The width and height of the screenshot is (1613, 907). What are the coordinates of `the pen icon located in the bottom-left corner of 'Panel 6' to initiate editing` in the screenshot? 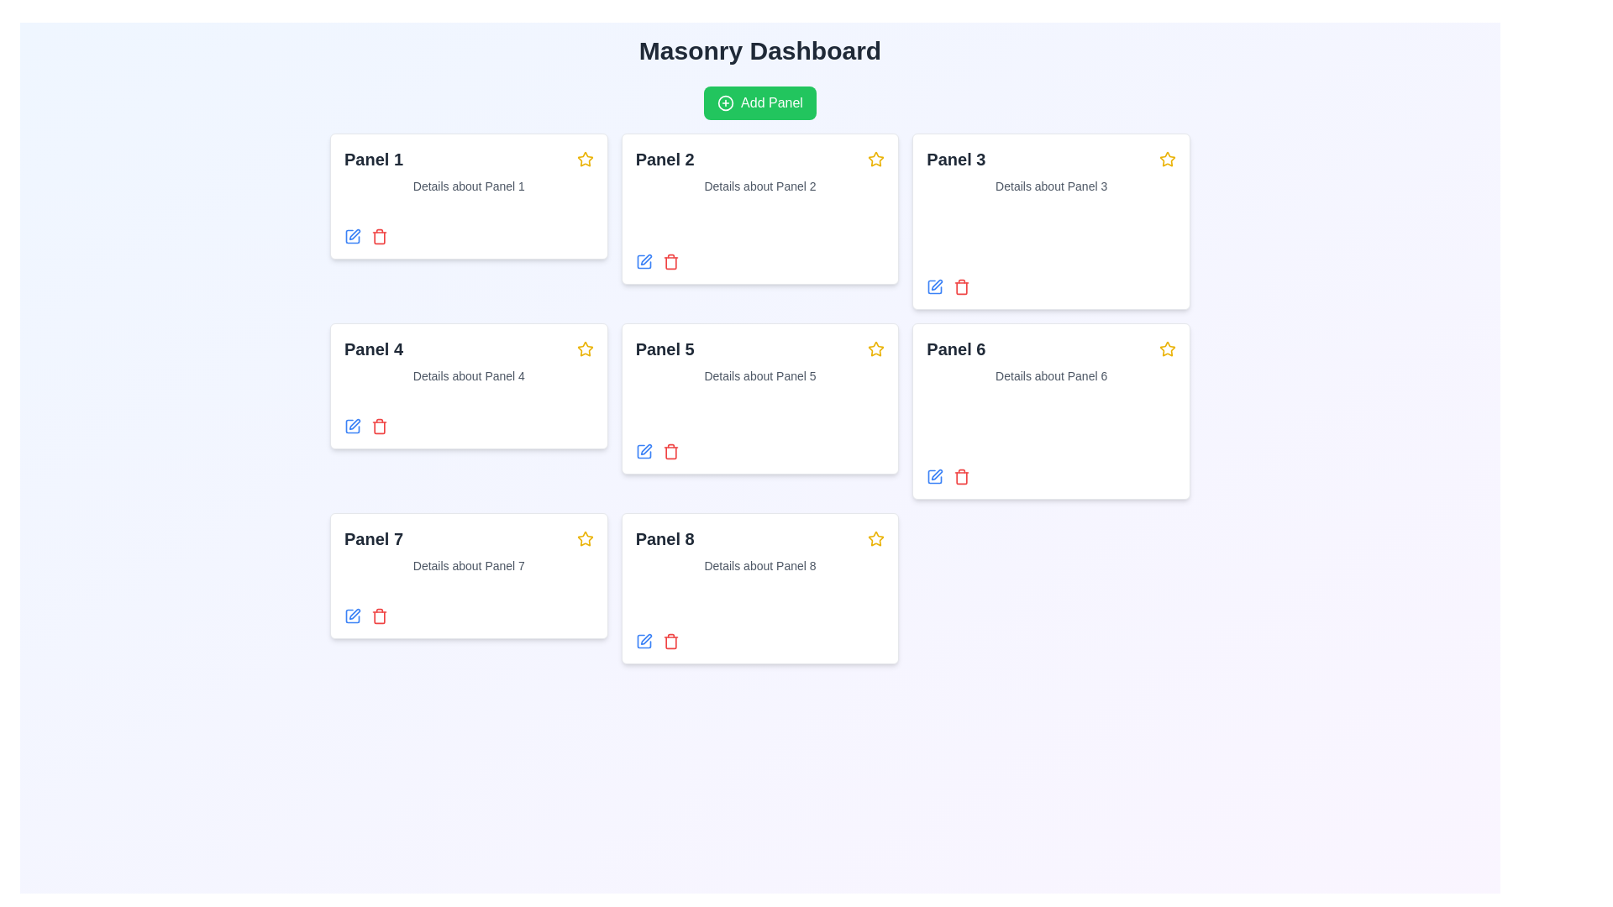 It's located at (936, 474).